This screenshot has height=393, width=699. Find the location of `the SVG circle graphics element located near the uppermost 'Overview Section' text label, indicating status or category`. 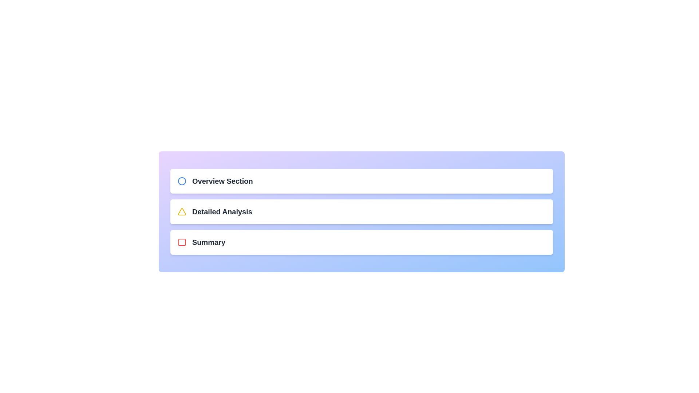

the SVG circle graphics element located near the uppermost 'Overview Section' text label, indicating status or category is located at coordinates (182, 180).